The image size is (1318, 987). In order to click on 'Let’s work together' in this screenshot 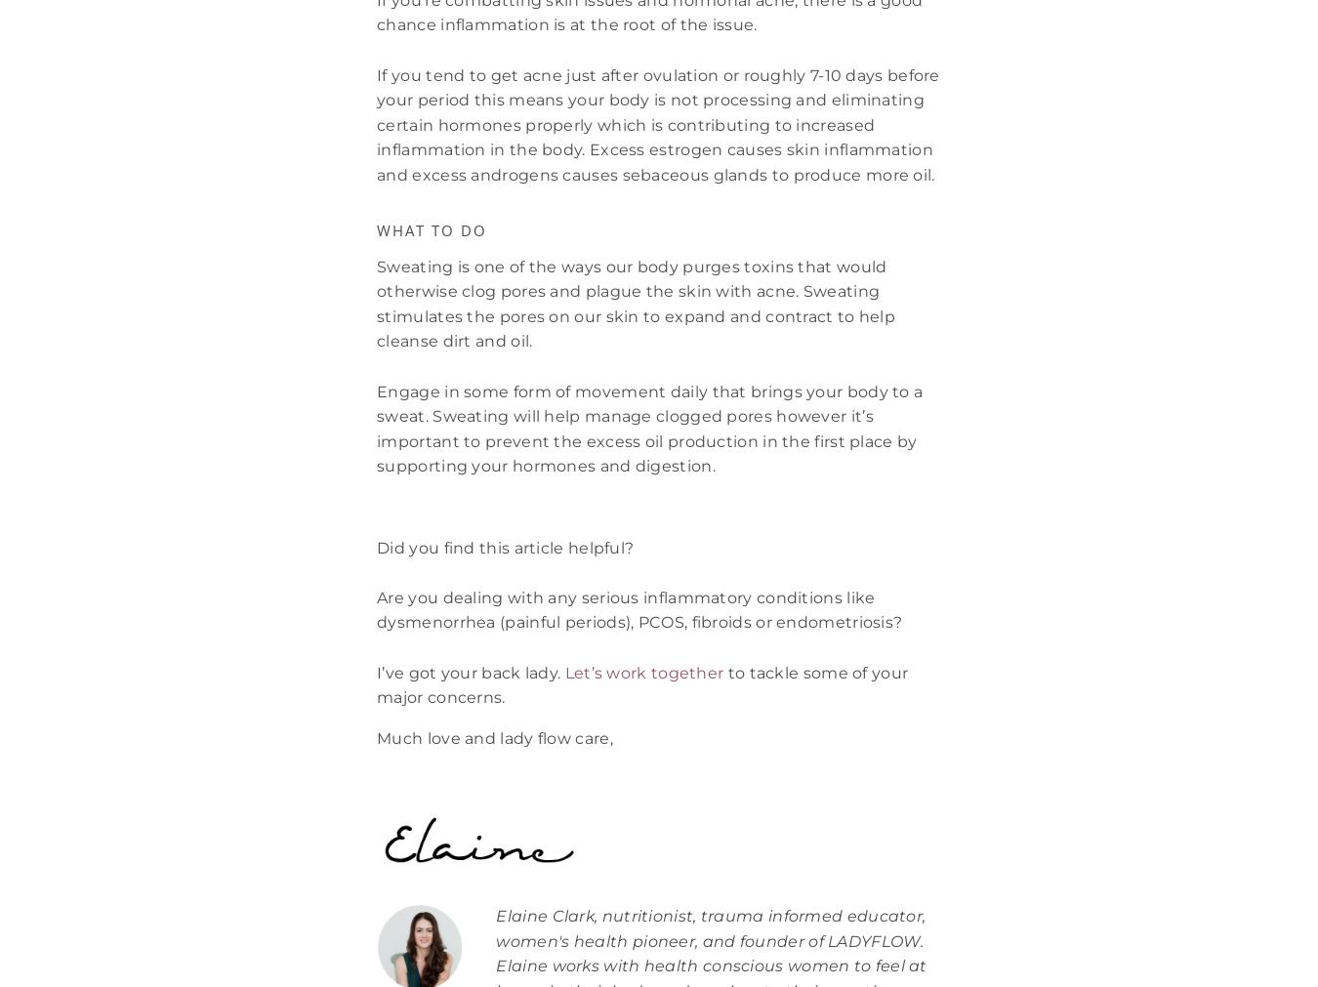, I will do `click(643, 671)`.